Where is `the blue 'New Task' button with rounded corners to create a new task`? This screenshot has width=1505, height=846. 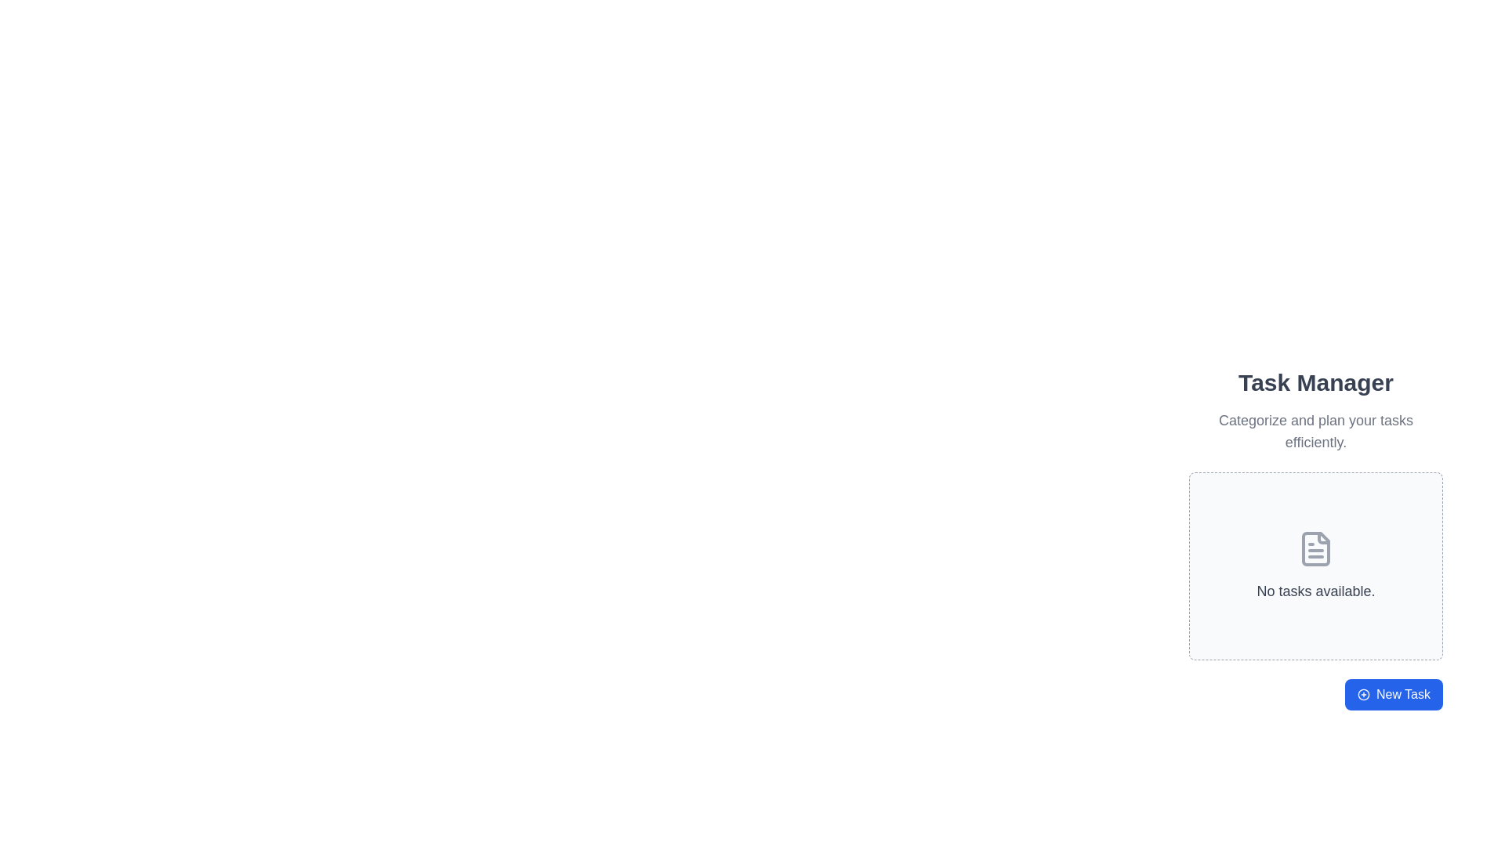
the blue 'New Task' button with rounded corners to create a new task is located at coordinates (1393, 694).